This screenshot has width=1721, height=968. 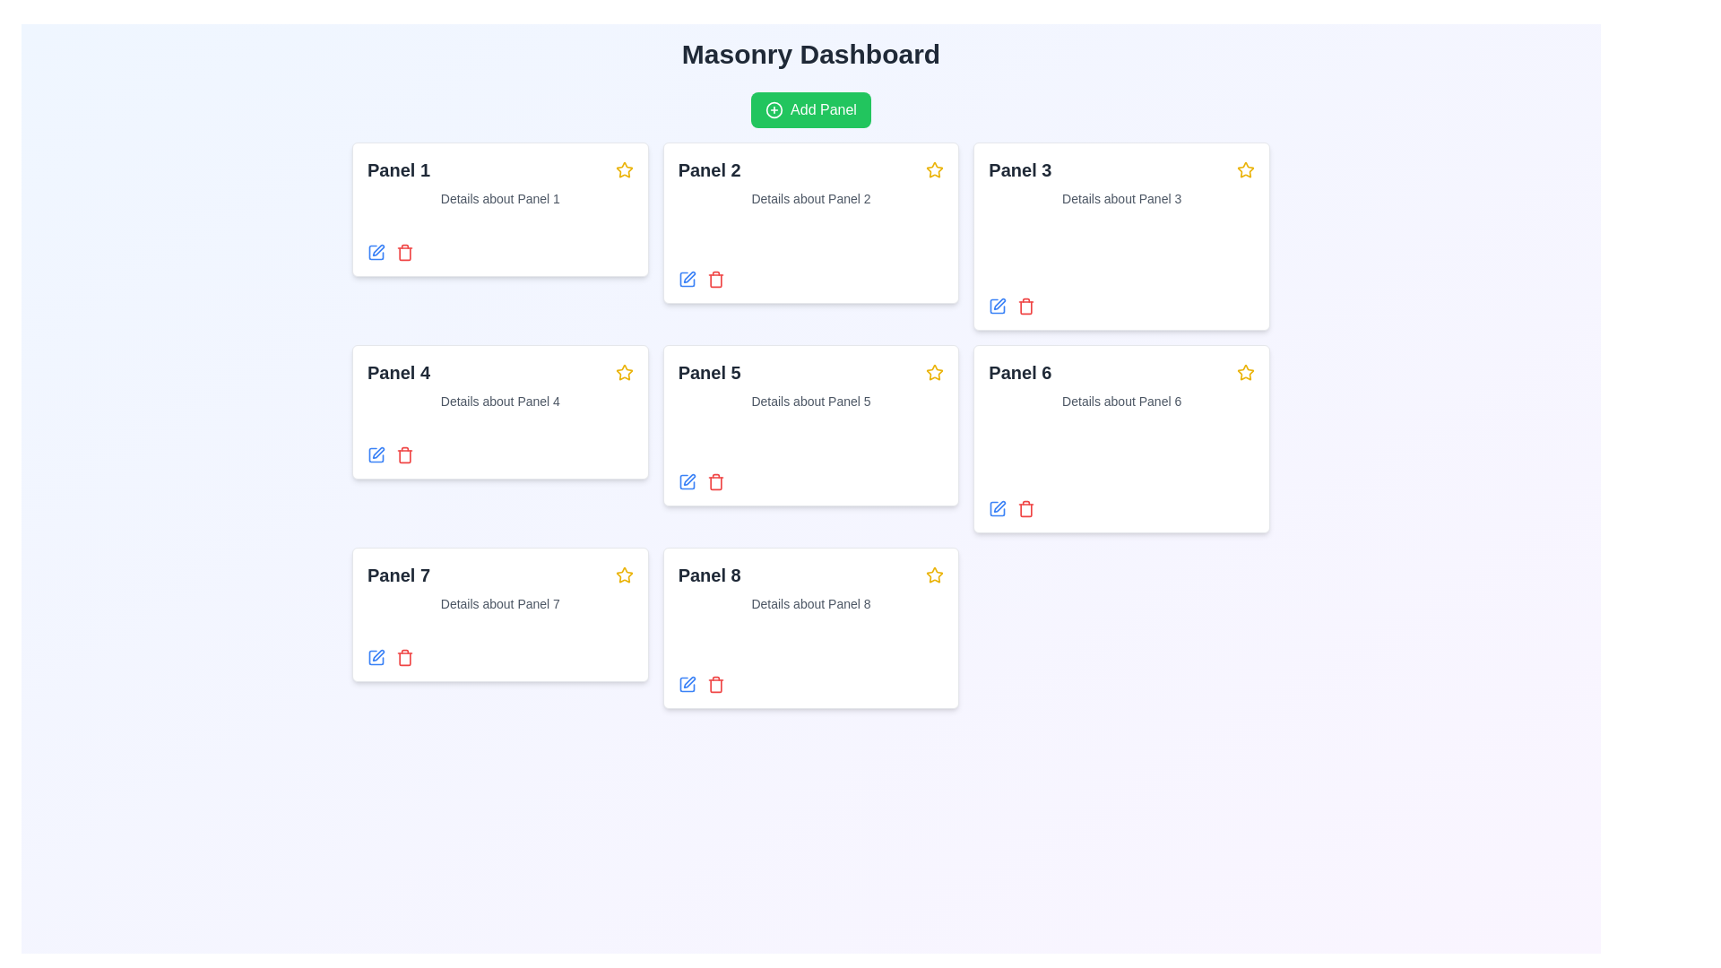 What do you see at coordinates (934, 575) in the screenshot?
I see `the star icon button located in the top-right corner of 'Panel 8'` at bounding box center [934, 575].